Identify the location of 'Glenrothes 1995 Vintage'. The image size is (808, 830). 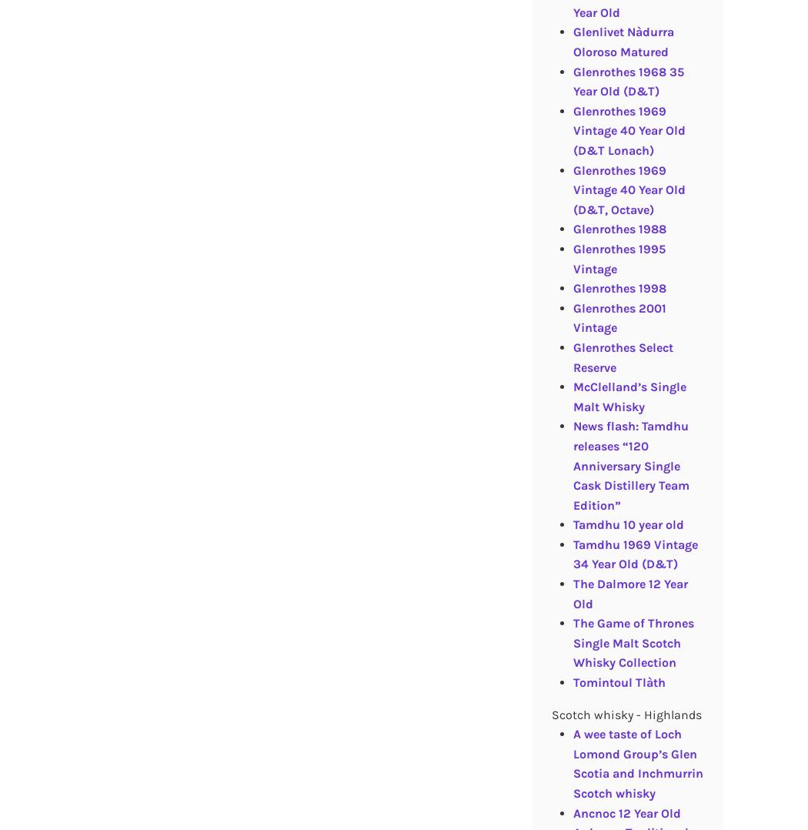
(617, 257).